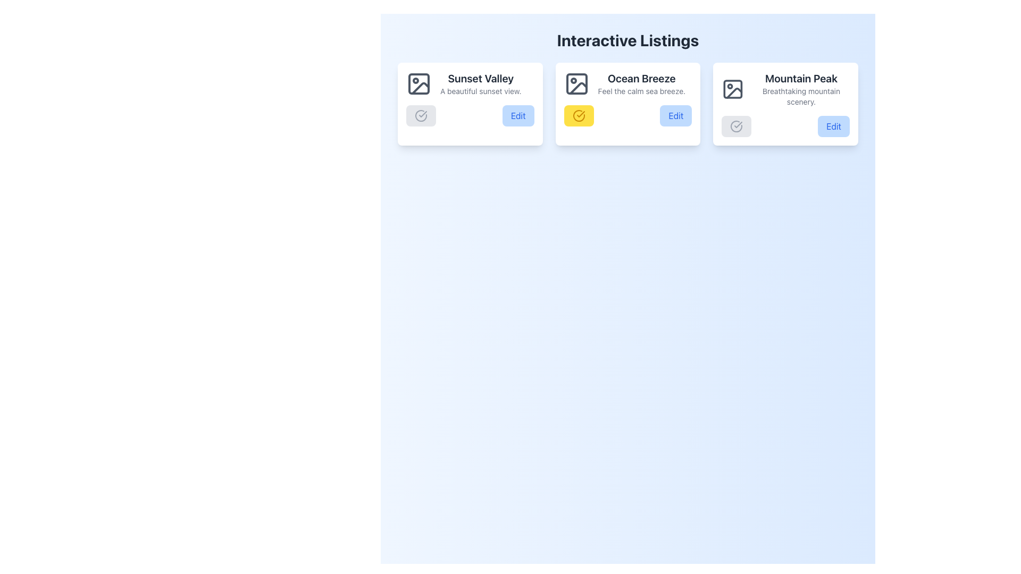  I want to click on the static text component labeled 'Sunset Valley' with the subtitle 'A beautiful sunset view.' located in the leftmost card above the blue 'Edit' button, so click(480, 83).